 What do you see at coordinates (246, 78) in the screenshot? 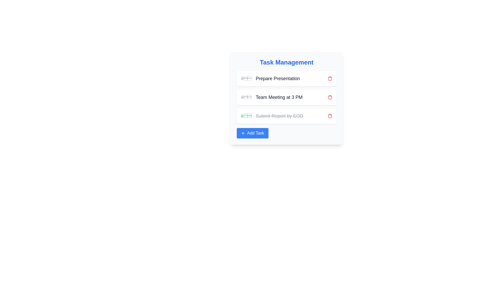
I see `the status indicator button located to the left of the 'Prepare Presentation' task entry` at bounding box center [246, 78].